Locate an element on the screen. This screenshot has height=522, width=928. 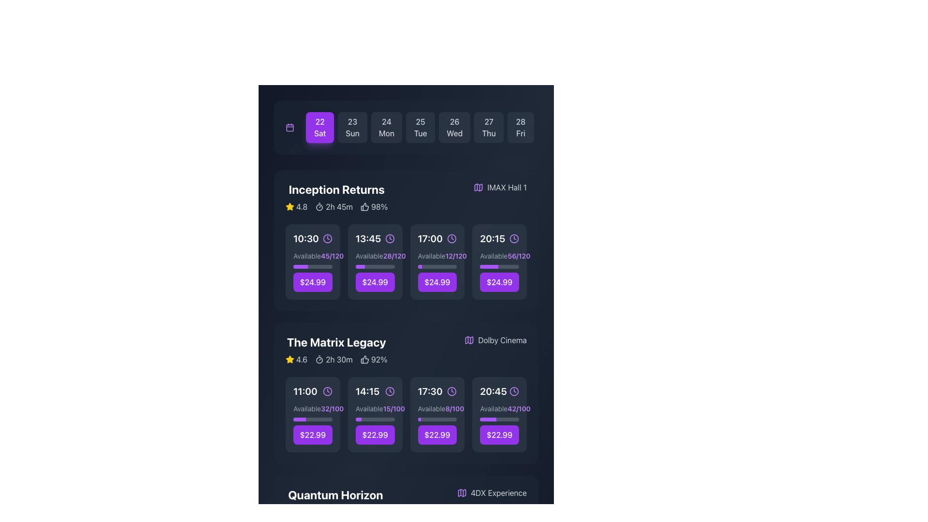
the Label with an icon that displays 'IMAX Hall 1', featuring a purple map icon and light gray text, located in the upper-right section of the ‘Inception Returns’ group is located at coordinates (500, 188).